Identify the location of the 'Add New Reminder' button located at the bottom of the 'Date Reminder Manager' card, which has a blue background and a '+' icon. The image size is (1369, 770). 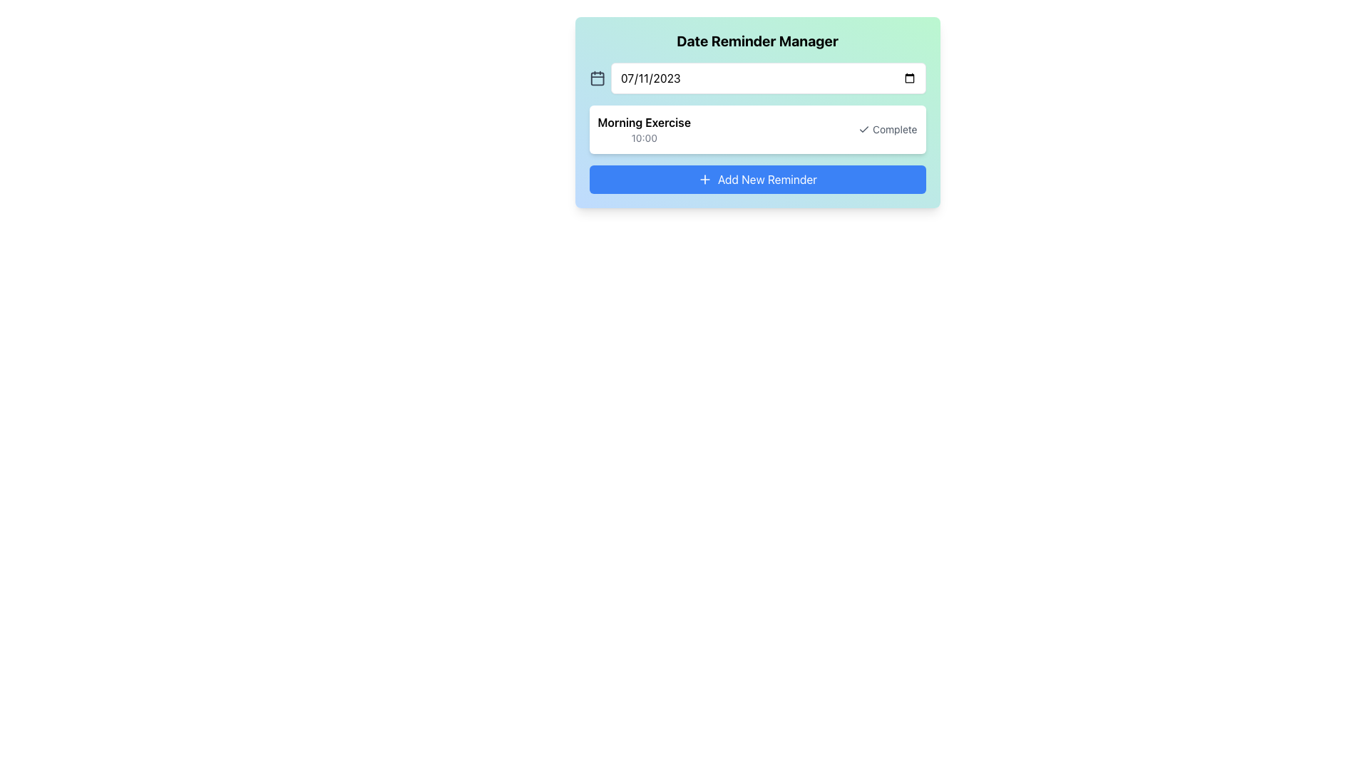
(757, 178).